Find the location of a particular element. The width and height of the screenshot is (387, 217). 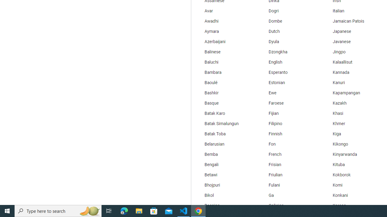

'Bikol' is located at coordinates (225, 196).